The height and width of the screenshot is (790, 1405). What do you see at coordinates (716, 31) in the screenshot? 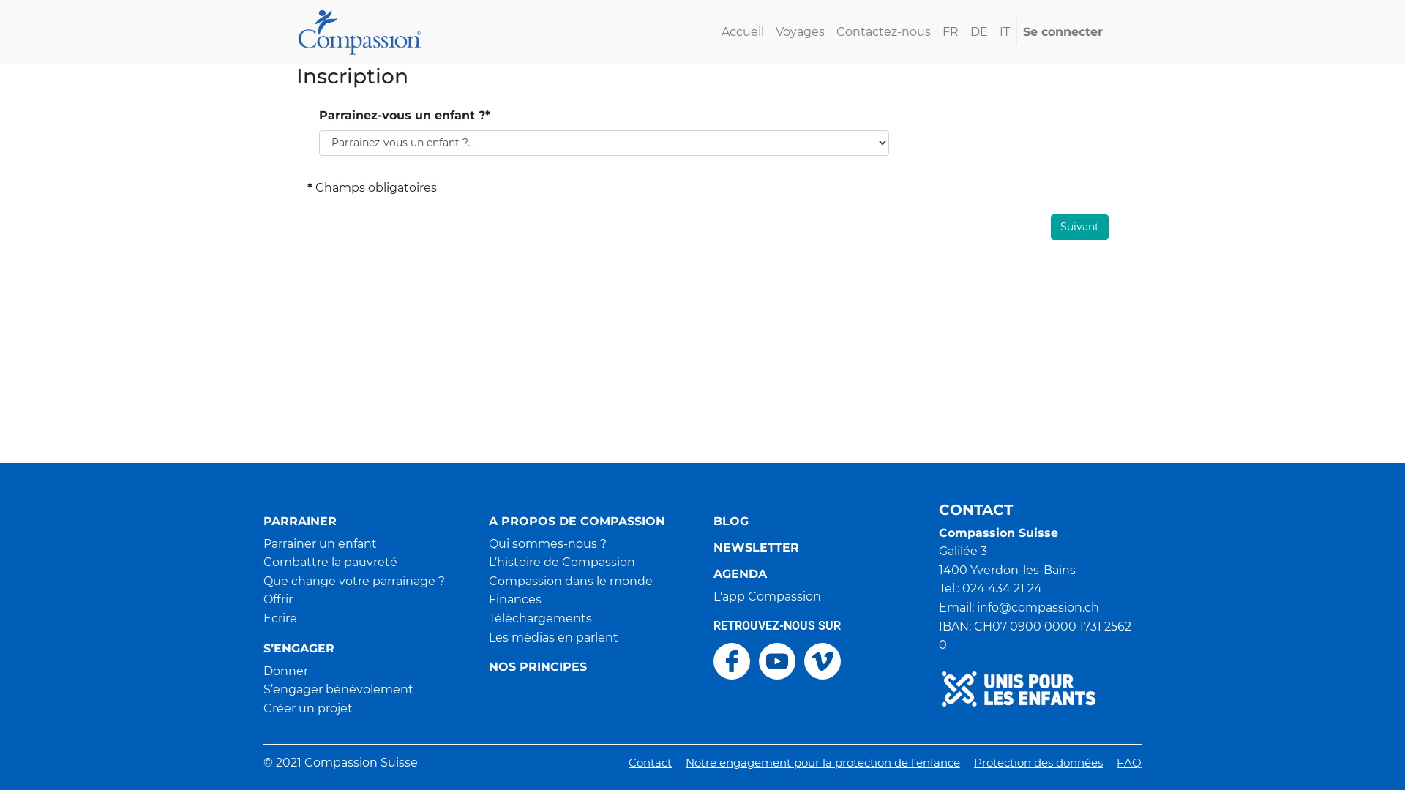
I see `'Accueil'` at bounding box center [716, 31].